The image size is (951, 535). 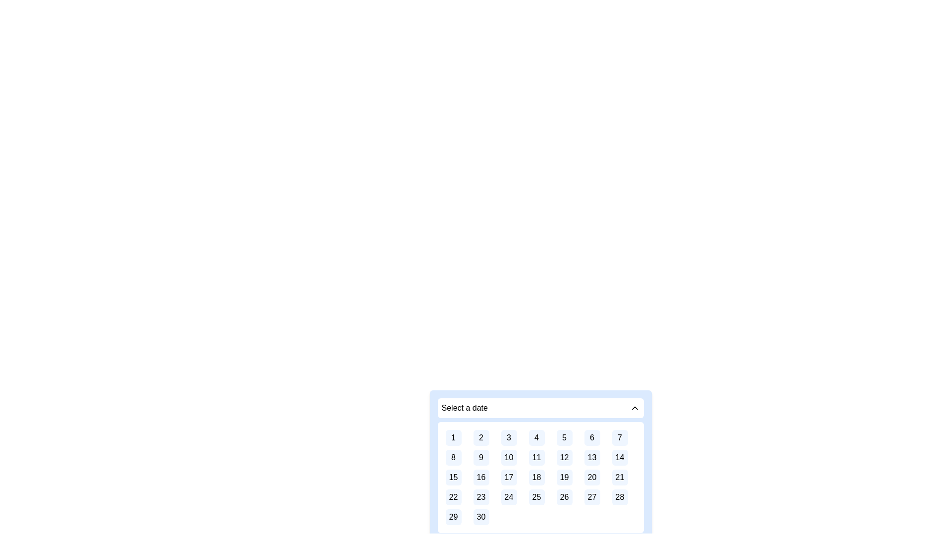 What do you see at coordinates (509, 497) in the screenshot?
I see `the small, square button with a soft blue background and text '24'` at bounding box center [509, 497].